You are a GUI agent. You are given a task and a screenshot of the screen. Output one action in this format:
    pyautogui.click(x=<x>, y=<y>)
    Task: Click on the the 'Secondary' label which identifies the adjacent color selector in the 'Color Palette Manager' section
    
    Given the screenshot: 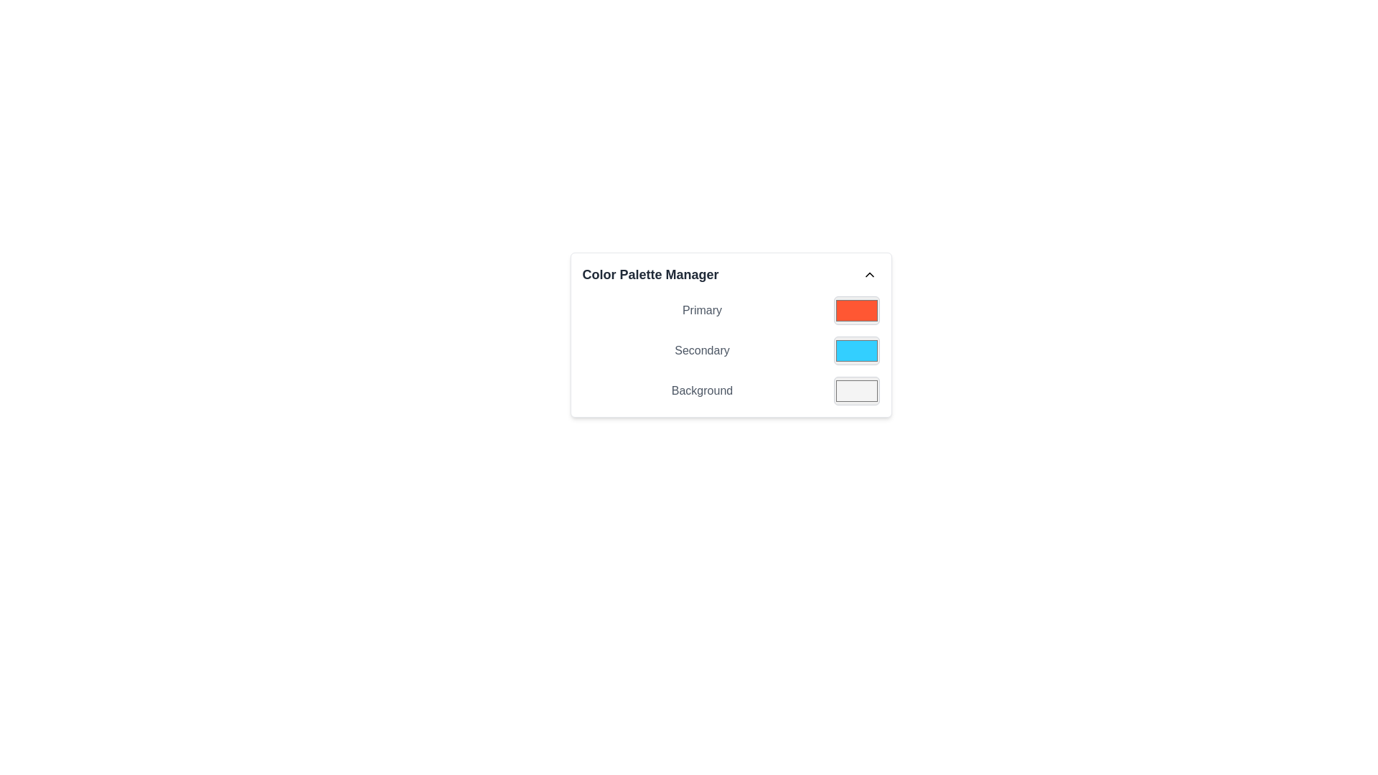 What is the action you would take?
    pyautogui.click(x=702, y=351)
    